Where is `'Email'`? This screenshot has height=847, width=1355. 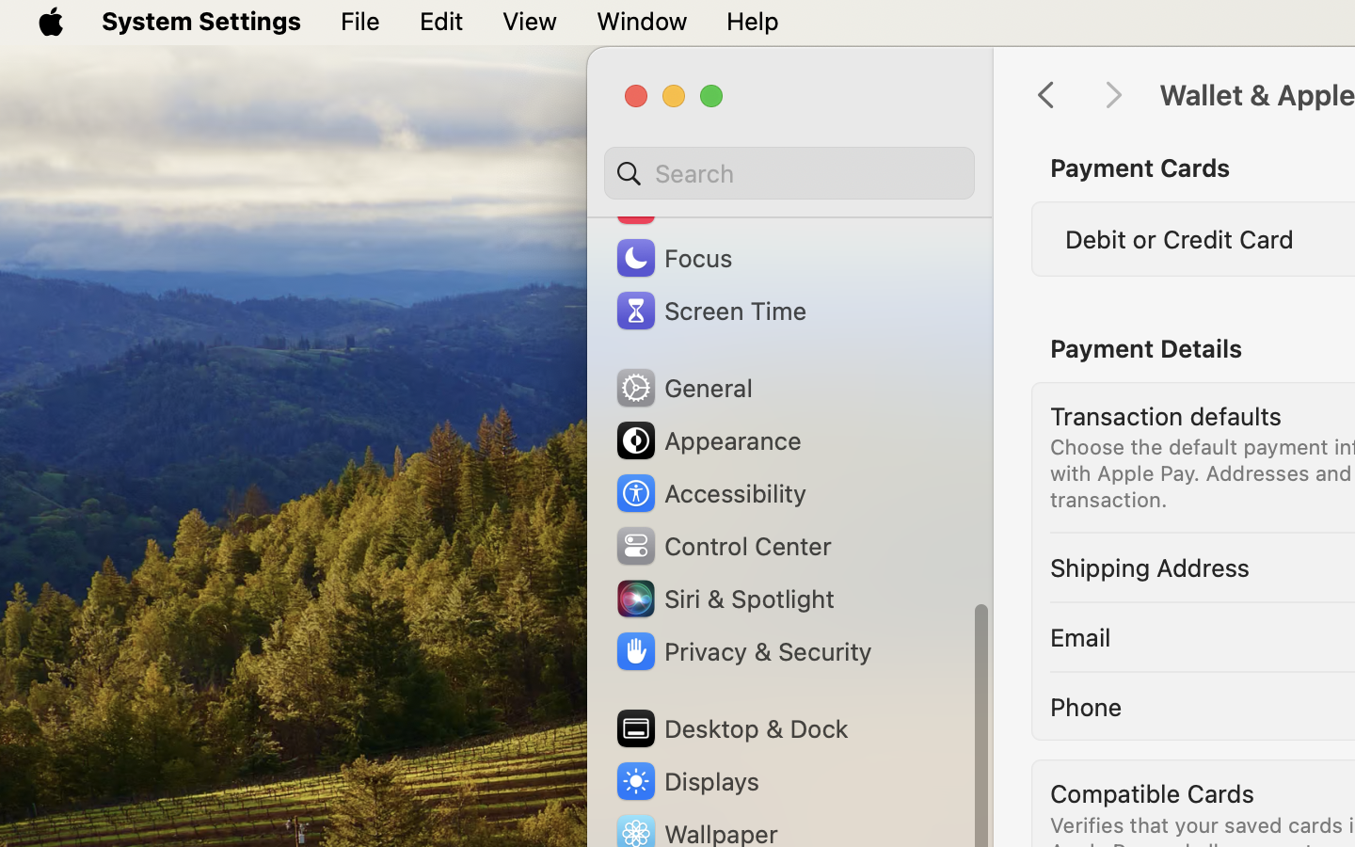
'Email' is located at coordinates (1079, 635).